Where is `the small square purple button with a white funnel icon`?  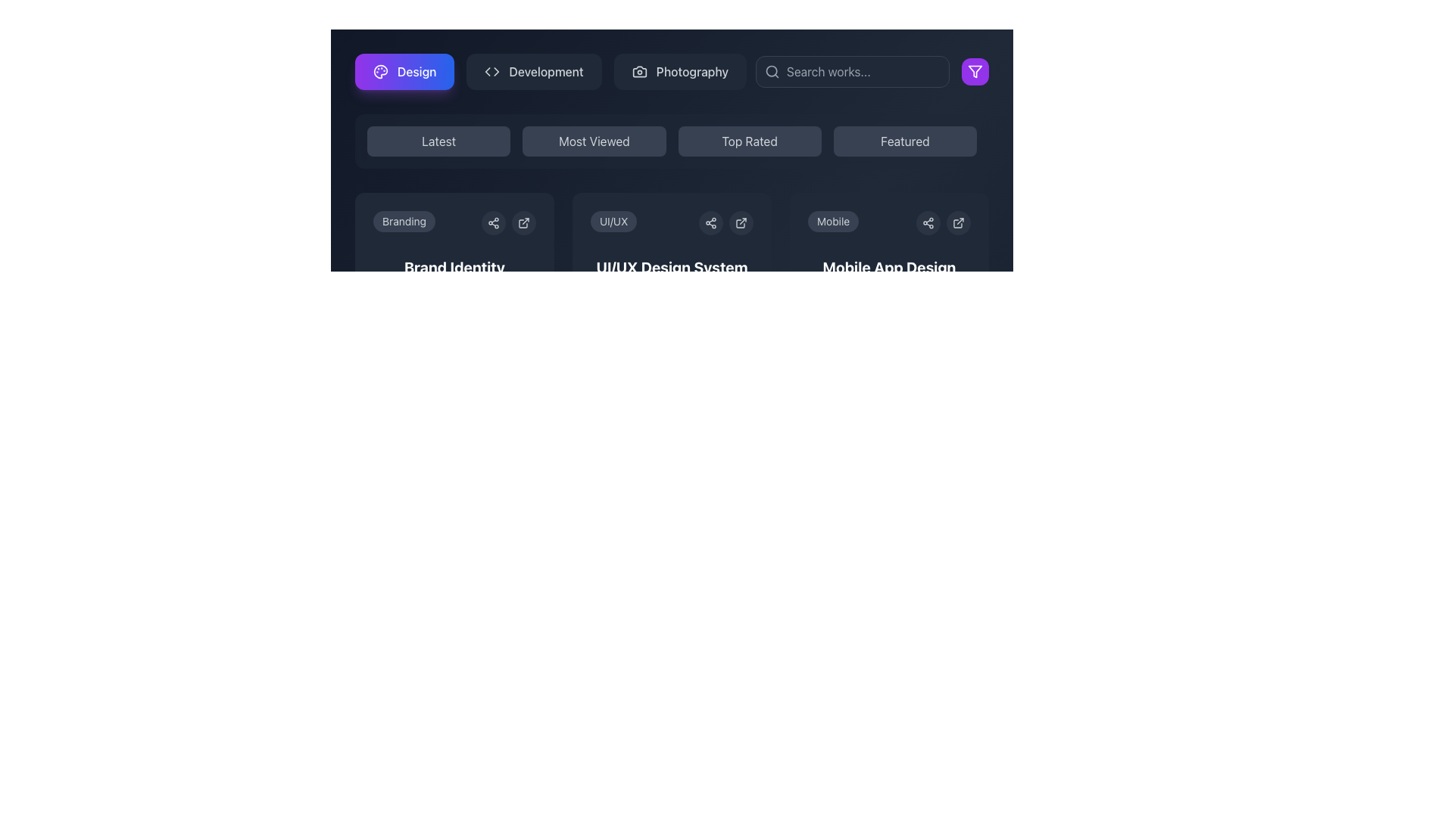 the small square purple button with a white funnel icon is located at coordinates (975, 72).